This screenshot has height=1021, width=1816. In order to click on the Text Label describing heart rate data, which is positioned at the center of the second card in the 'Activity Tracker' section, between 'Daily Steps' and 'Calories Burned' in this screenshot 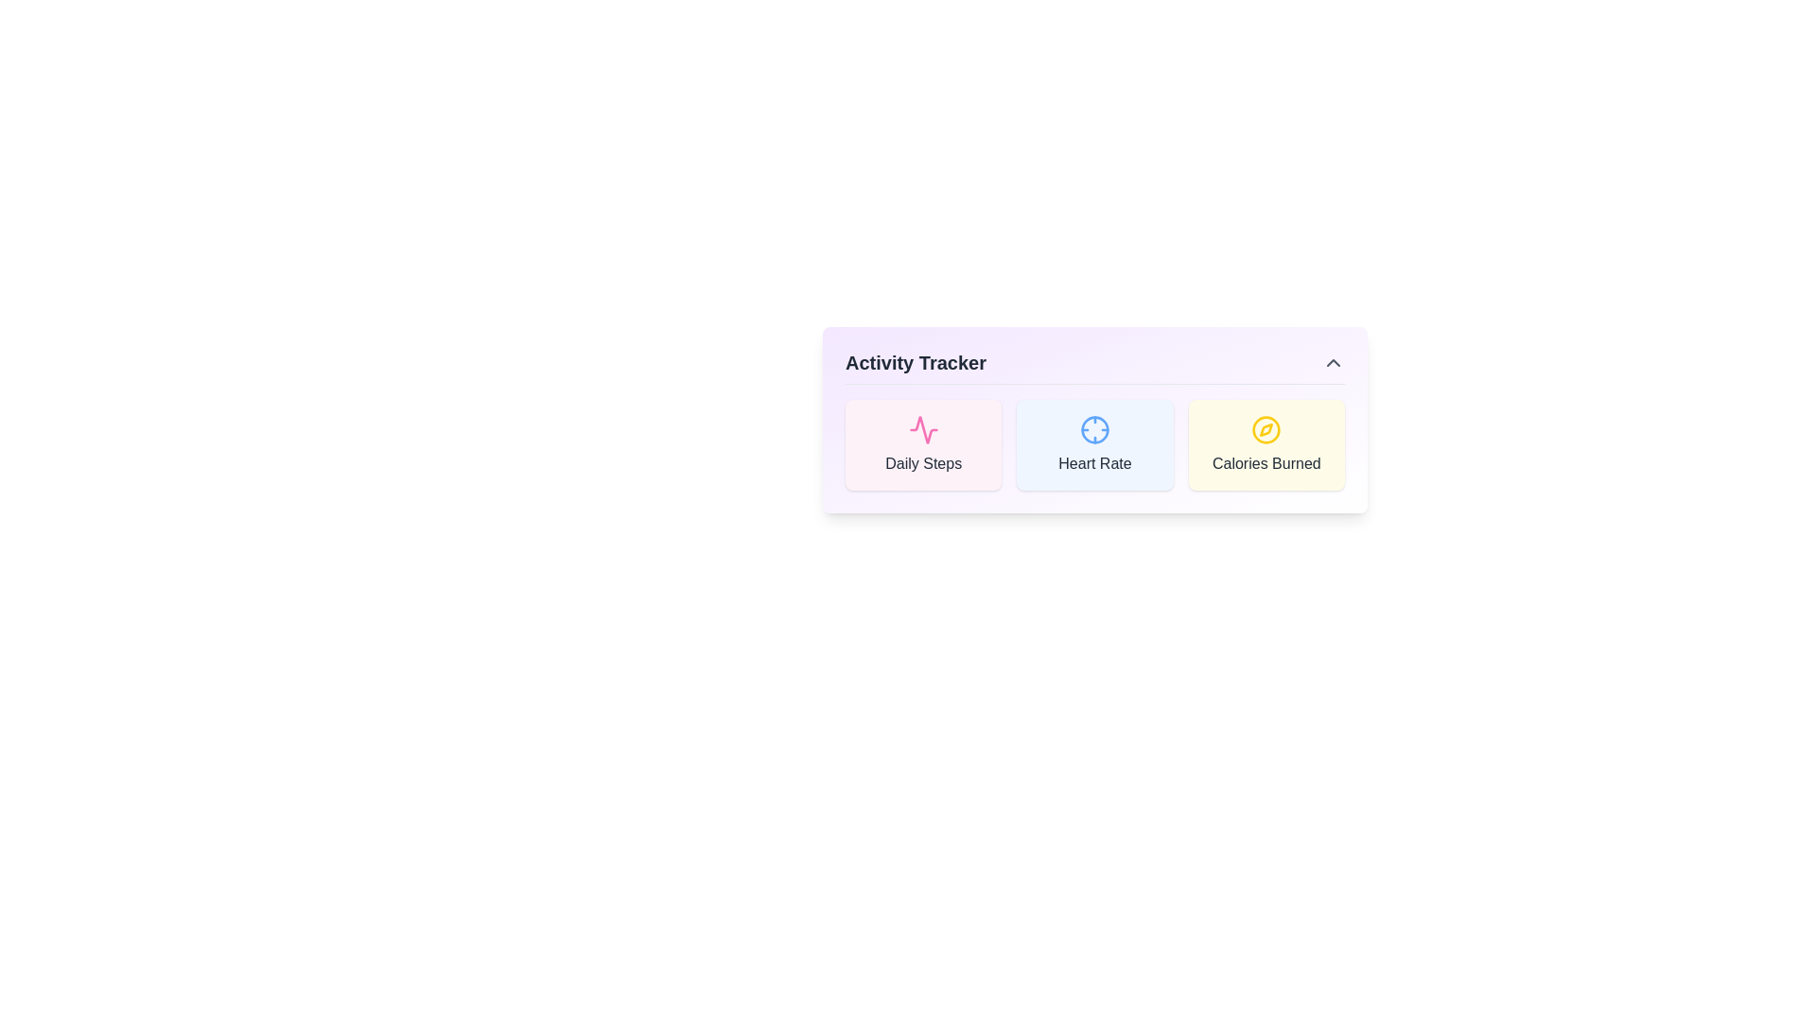, I will do `click(1094, 463)`.